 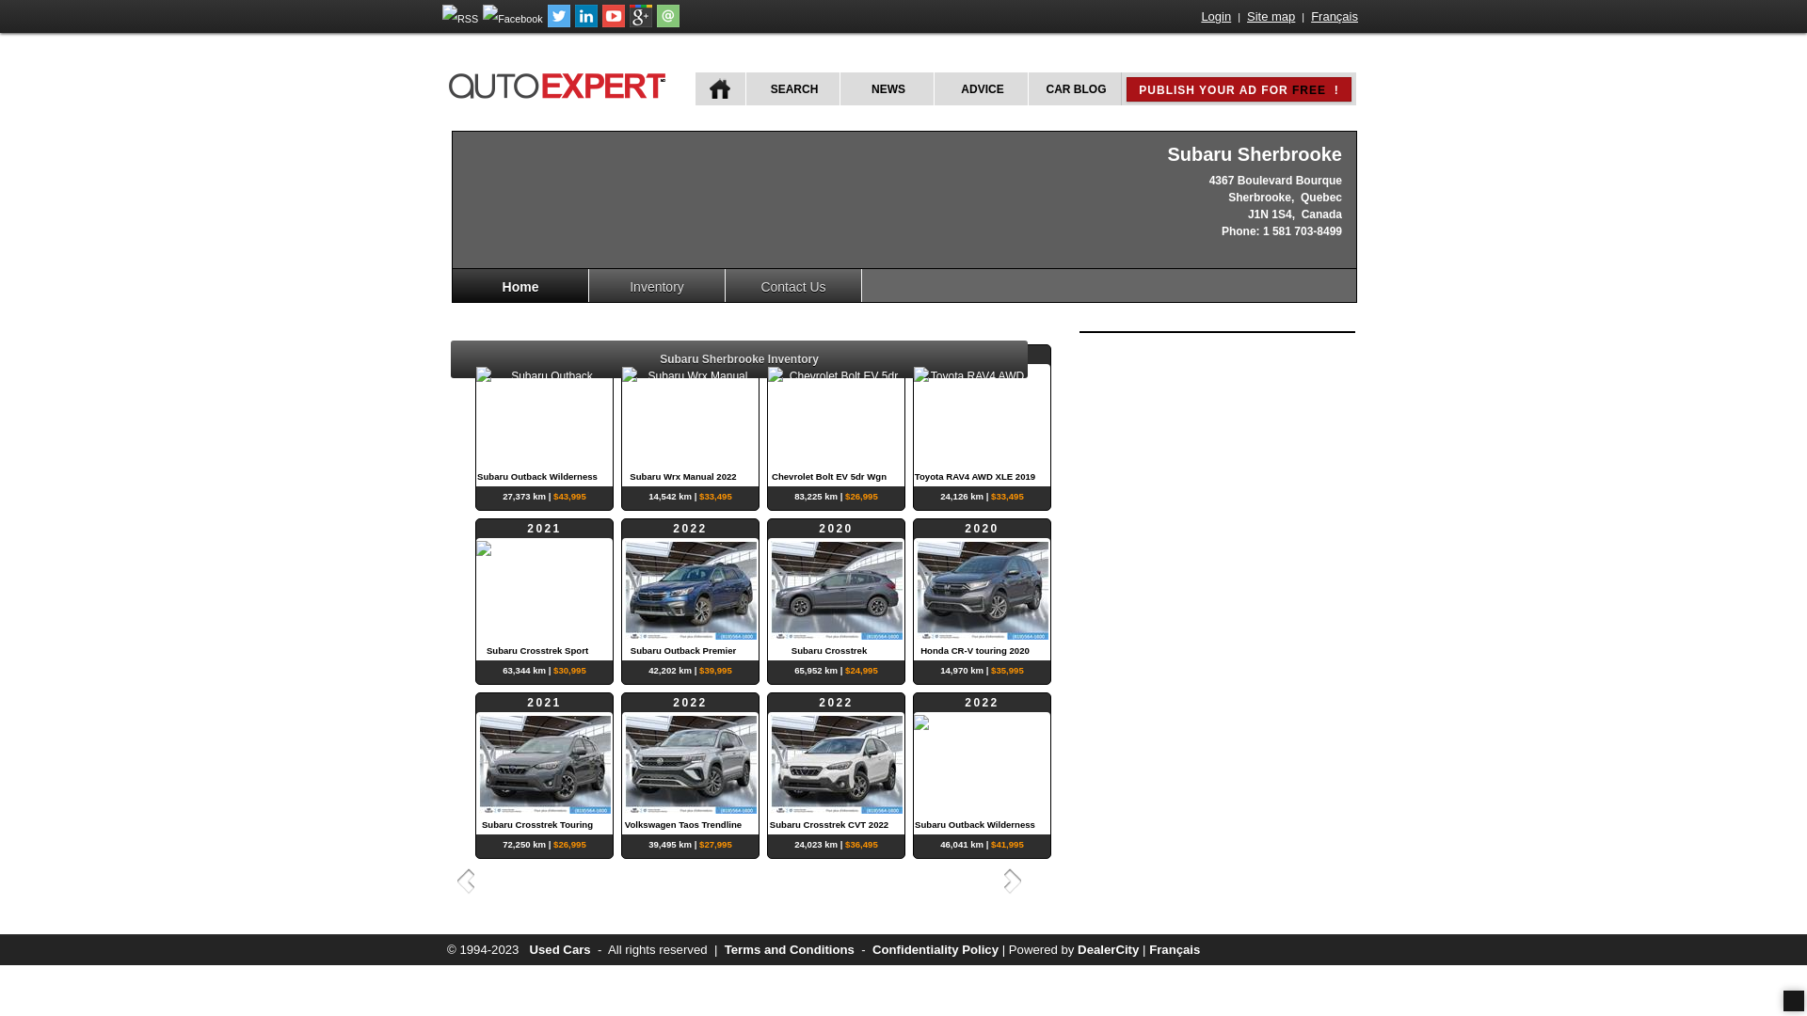 What do you see at coordinates (689, 415) in the screenshot?
I see `'2022` at bounding box center [689, 415].